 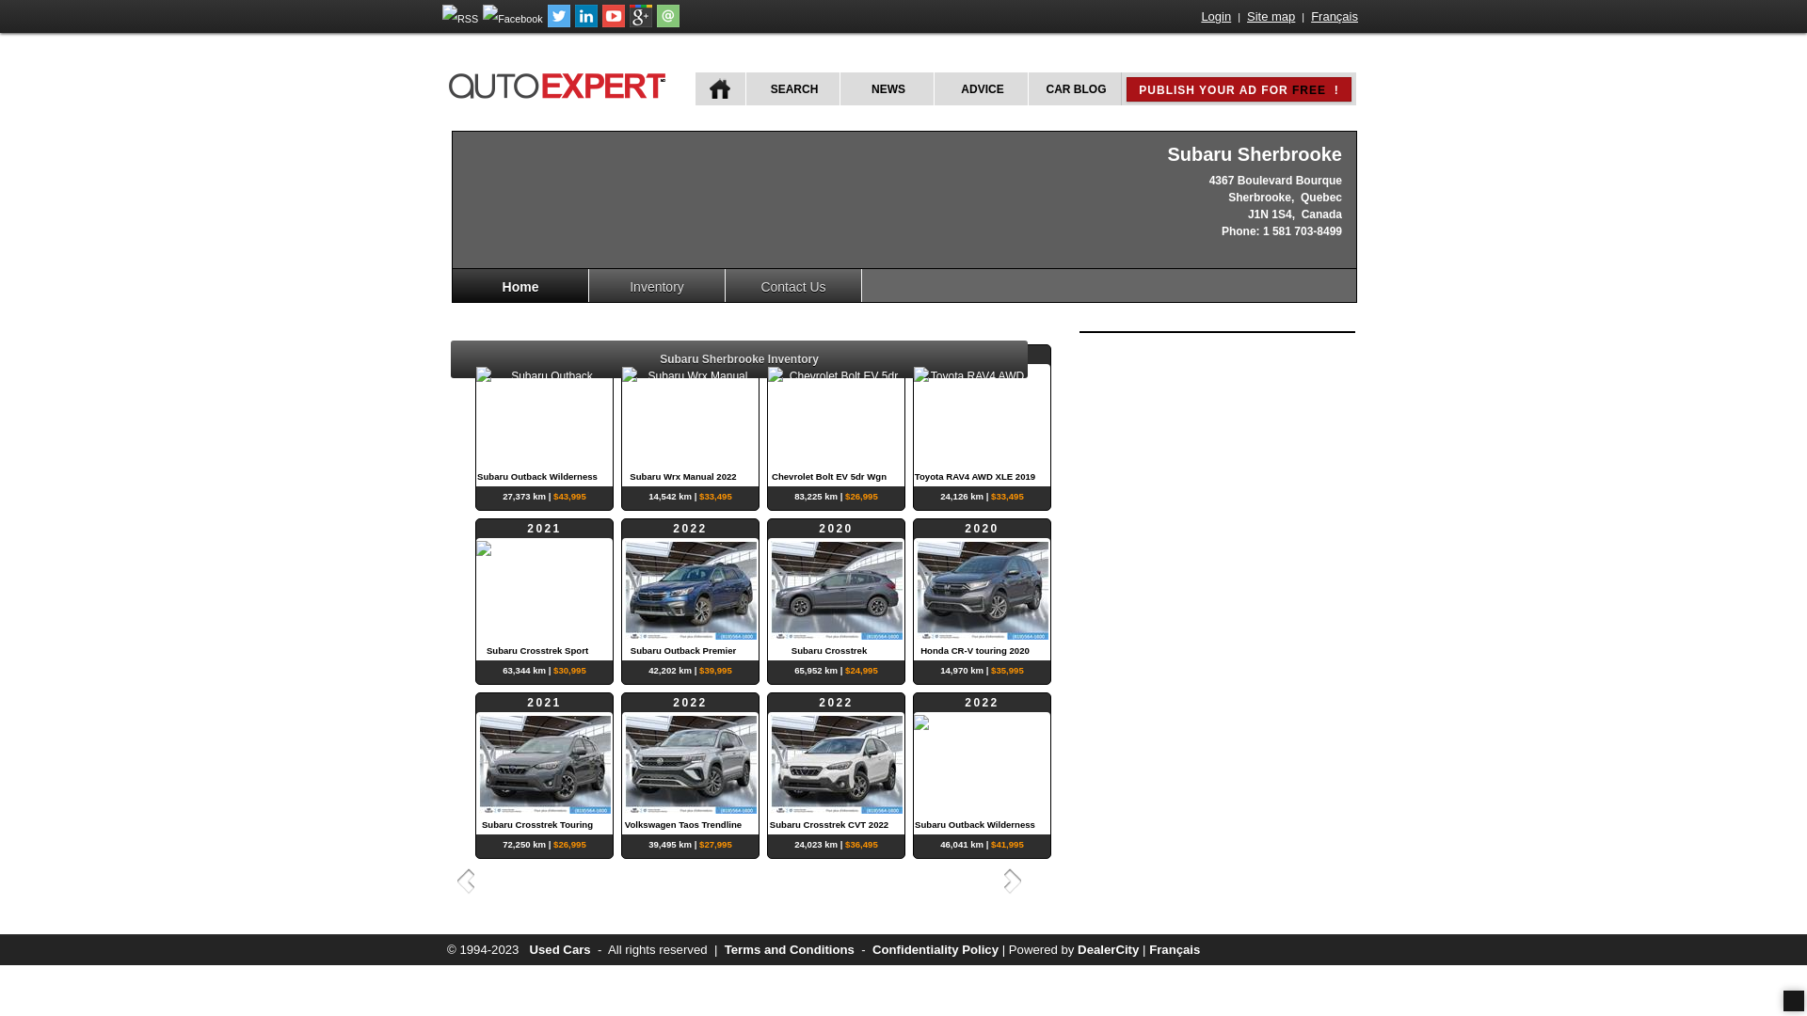 What do you see at coordinates (689, 415) in the screenshot?
I see `'2022` at bounding box center [689, 415].